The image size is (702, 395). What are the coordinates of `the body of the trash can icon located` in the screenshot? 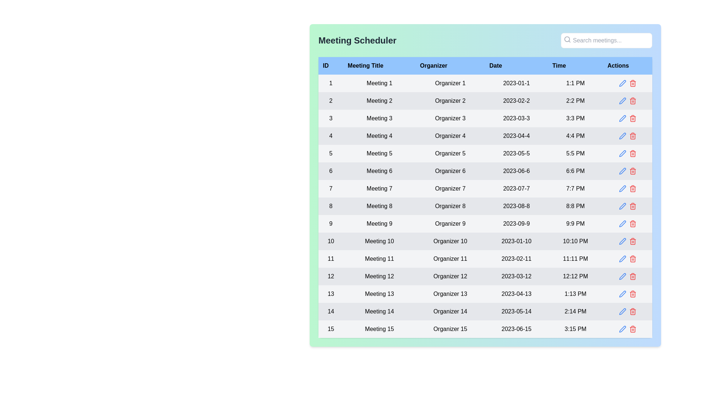 It's located at (632, 294).